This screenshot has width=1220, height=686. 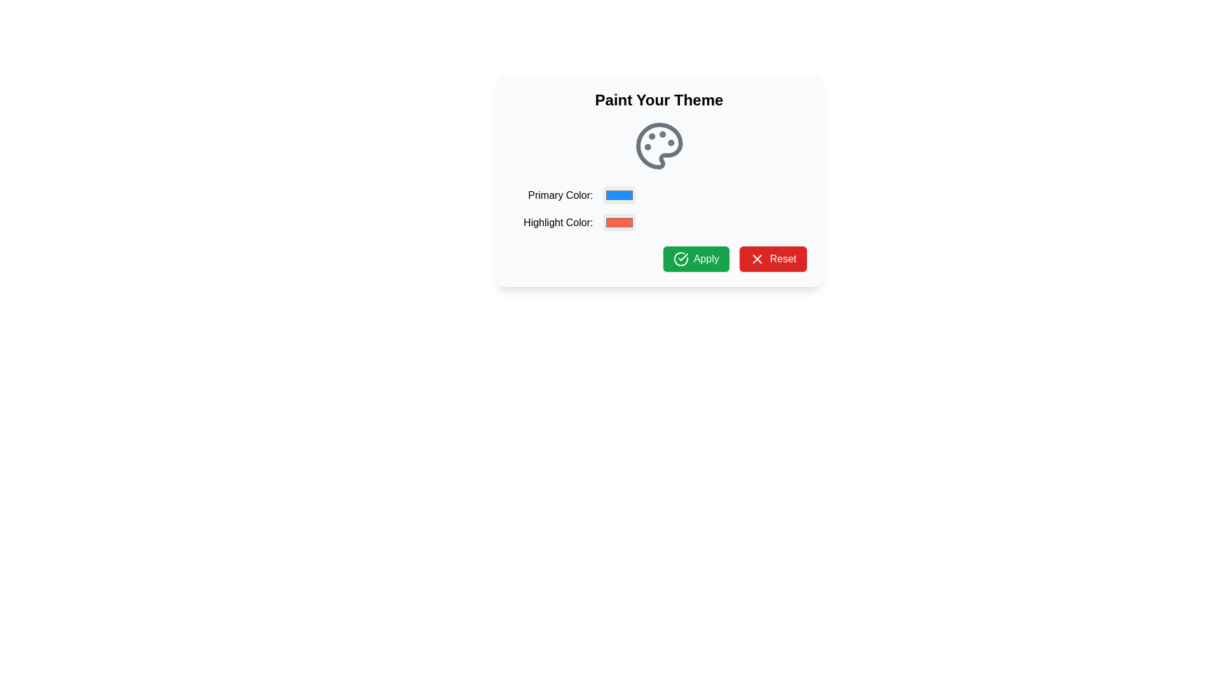 I want to click on the Highlight Color, so click(x=619, y=222).